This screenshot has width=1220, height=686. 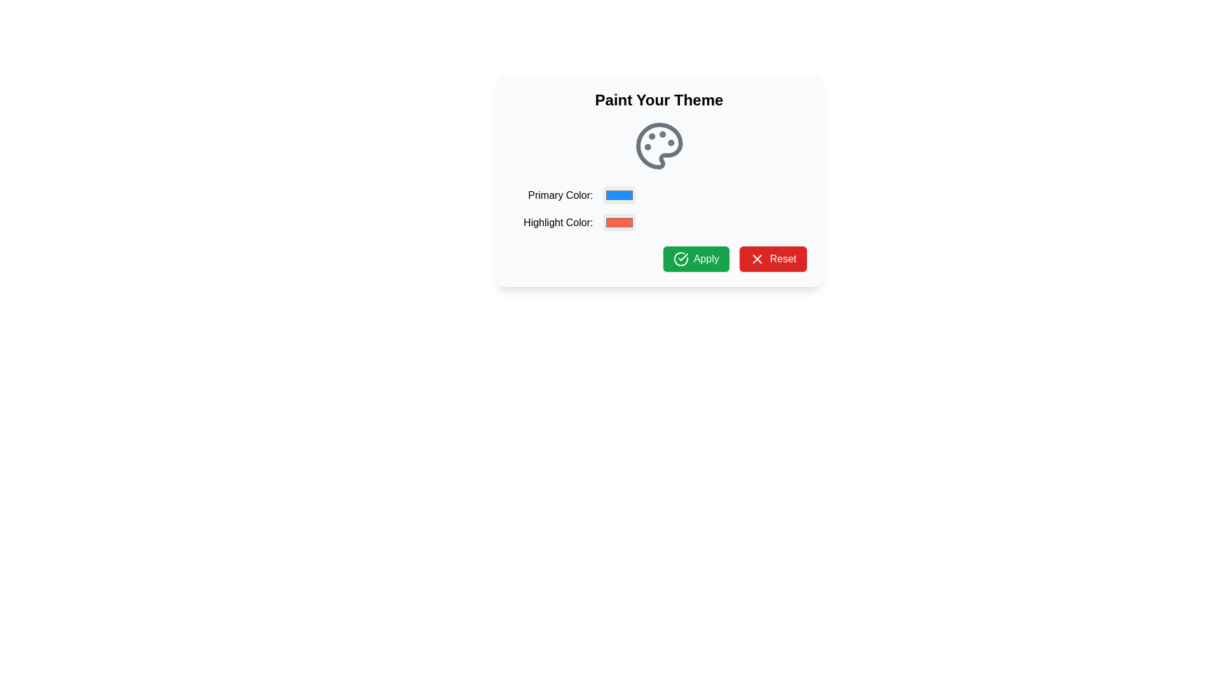 I want to click on the Highlight Color, so click(x=619, y=222).